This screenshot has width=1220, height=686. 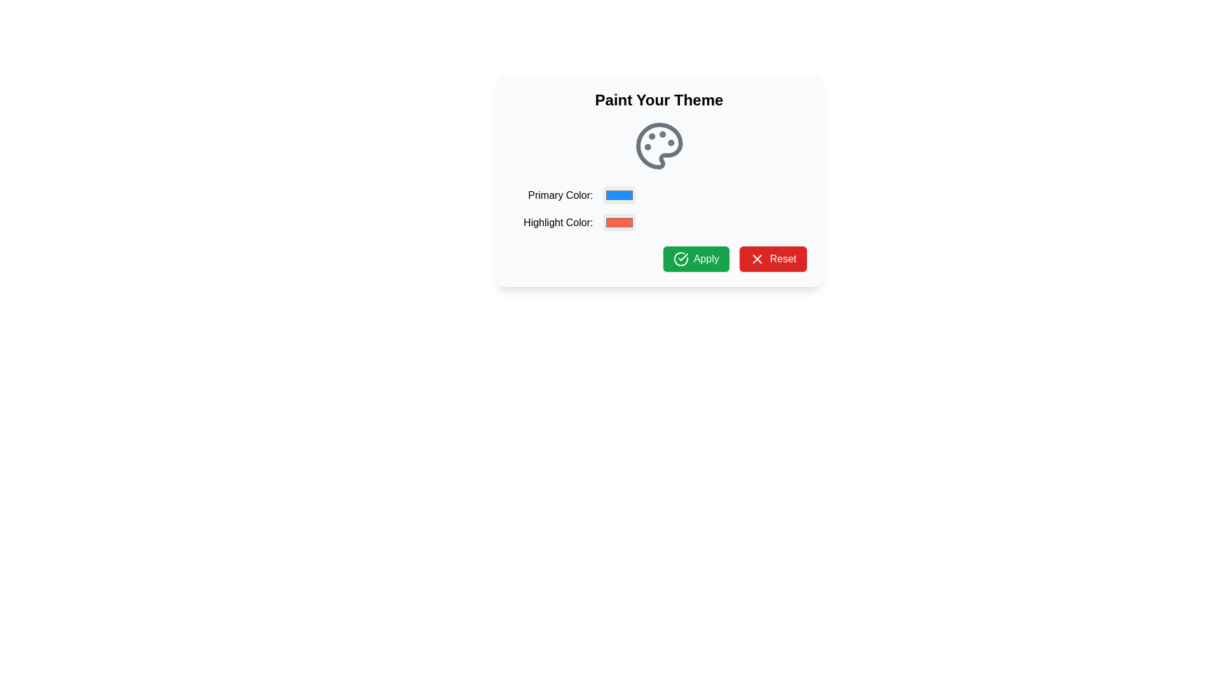 I want to click on the Highlight Color, so click(x=619, y=222).